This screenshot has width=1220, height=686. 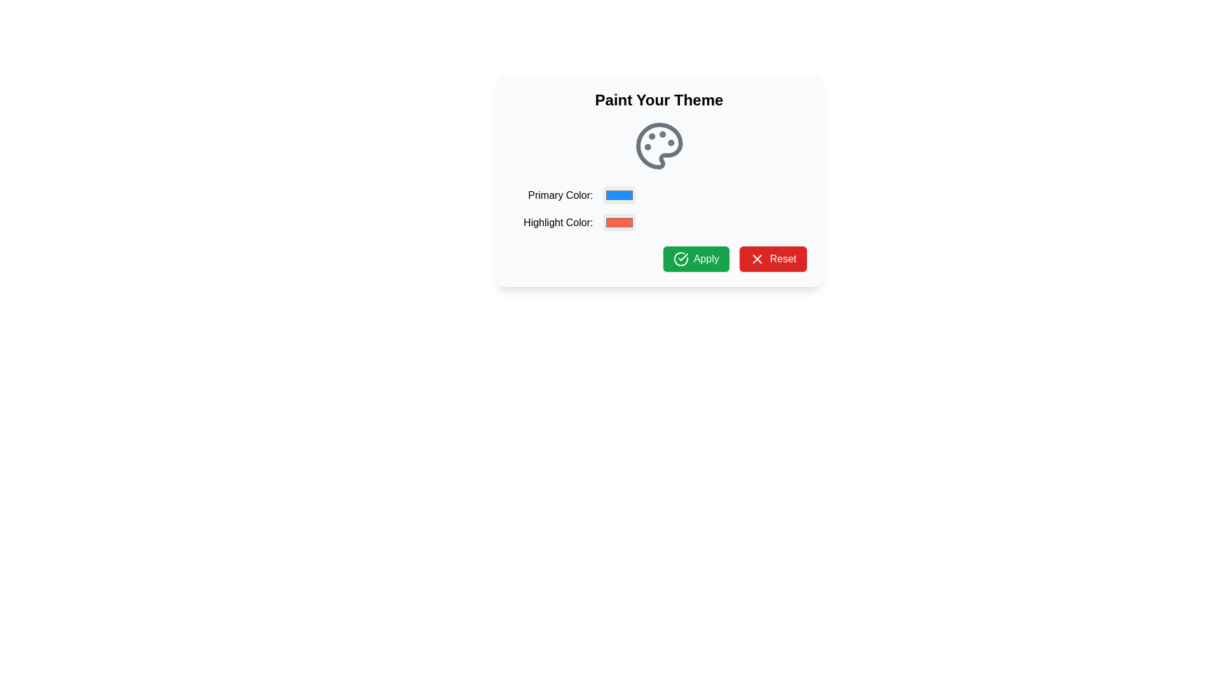 I want to click on the Highlight Color, so click(x=619, y=222).